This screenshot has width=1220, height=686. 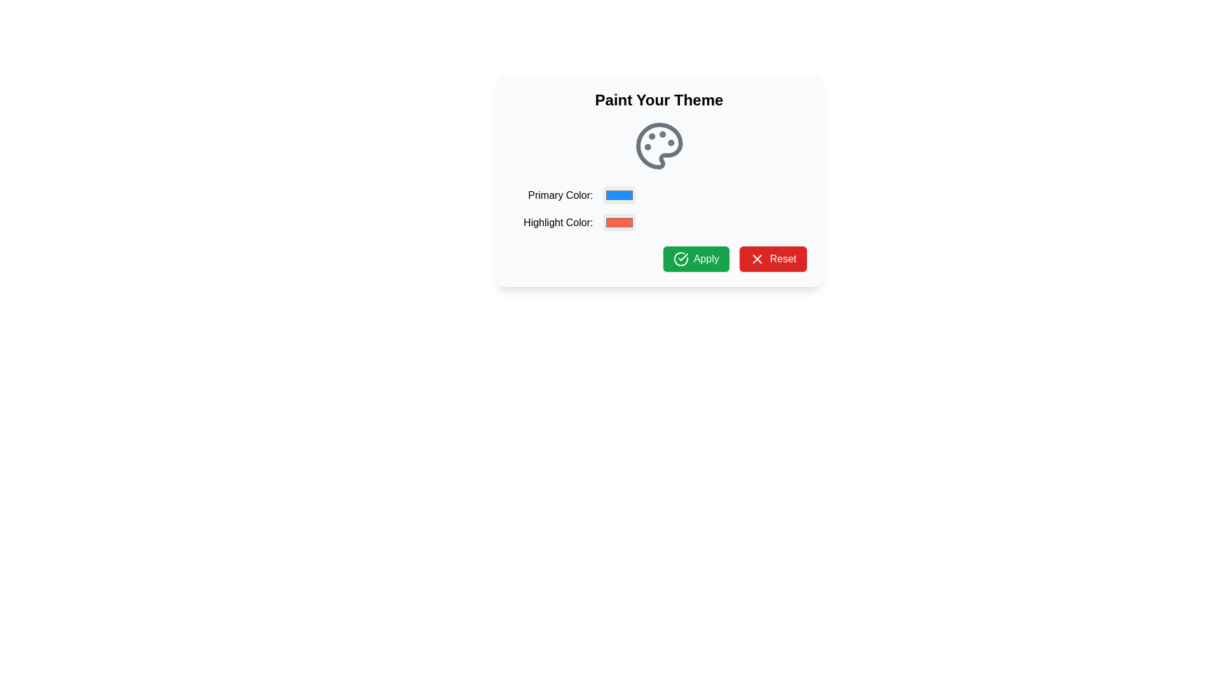 I want to click on the Highlight Color, so click(x=619, y=222).